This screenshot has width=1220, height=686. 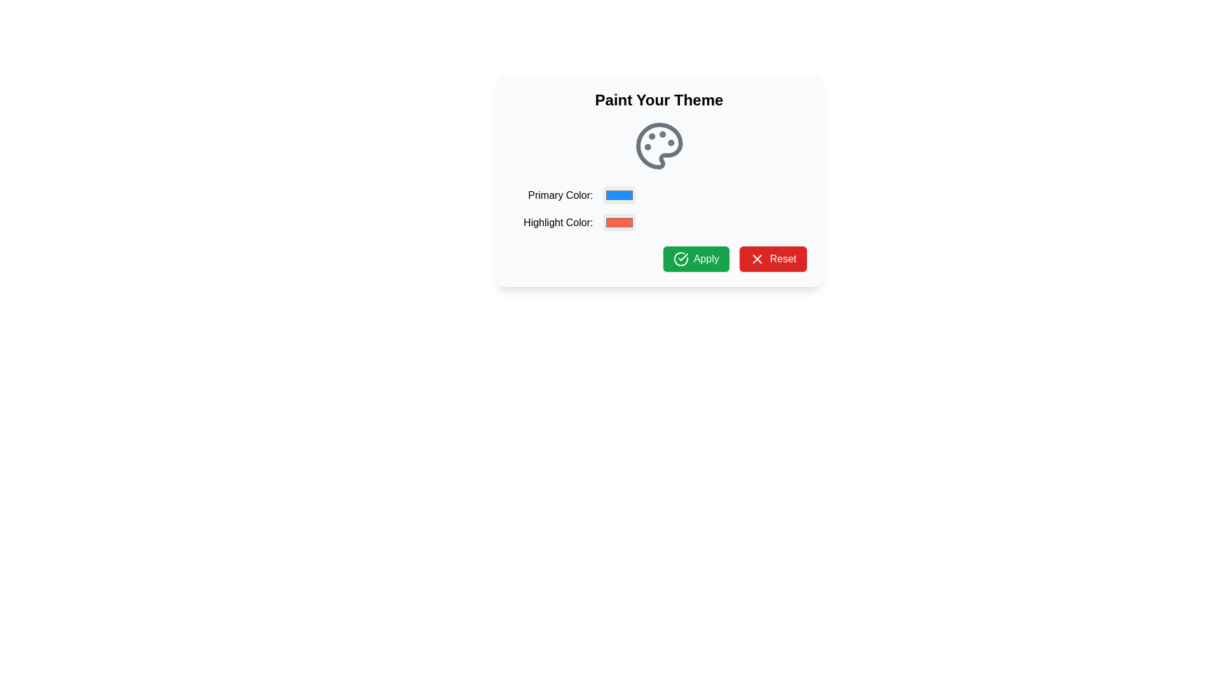 I want to click on the Highlight Color, so click(x=619, y=222).